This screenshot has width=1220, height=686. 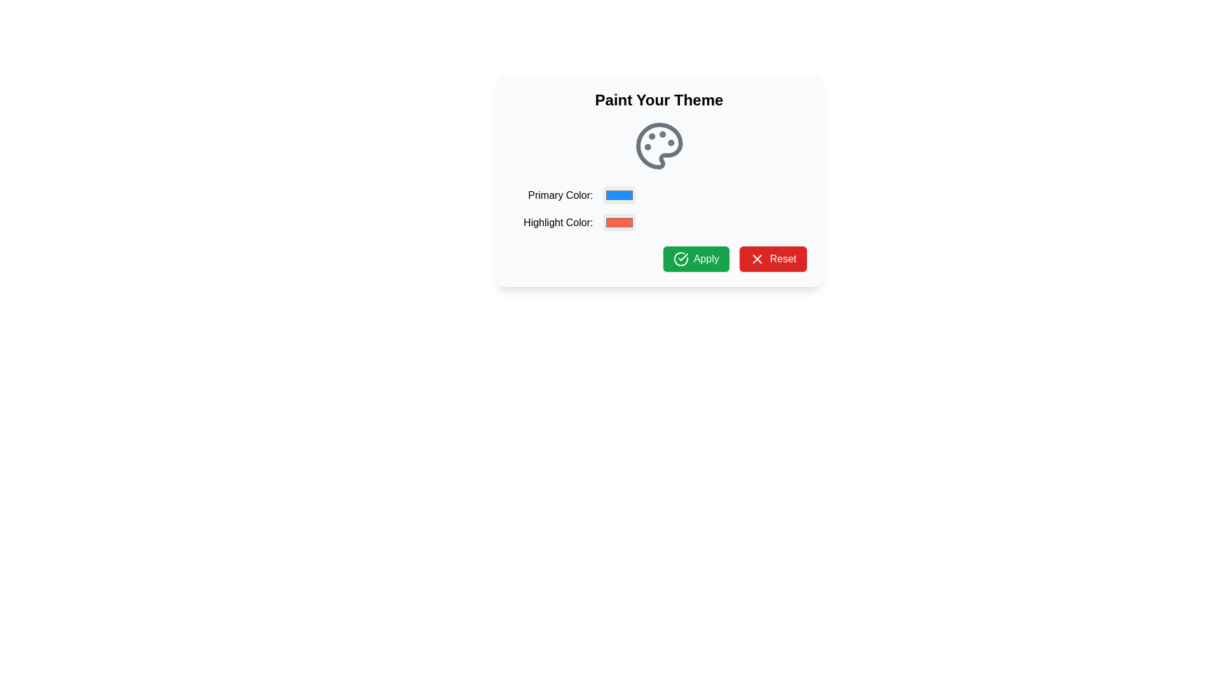 I want to click on the Highlight Color, so click(x=619, y=222).